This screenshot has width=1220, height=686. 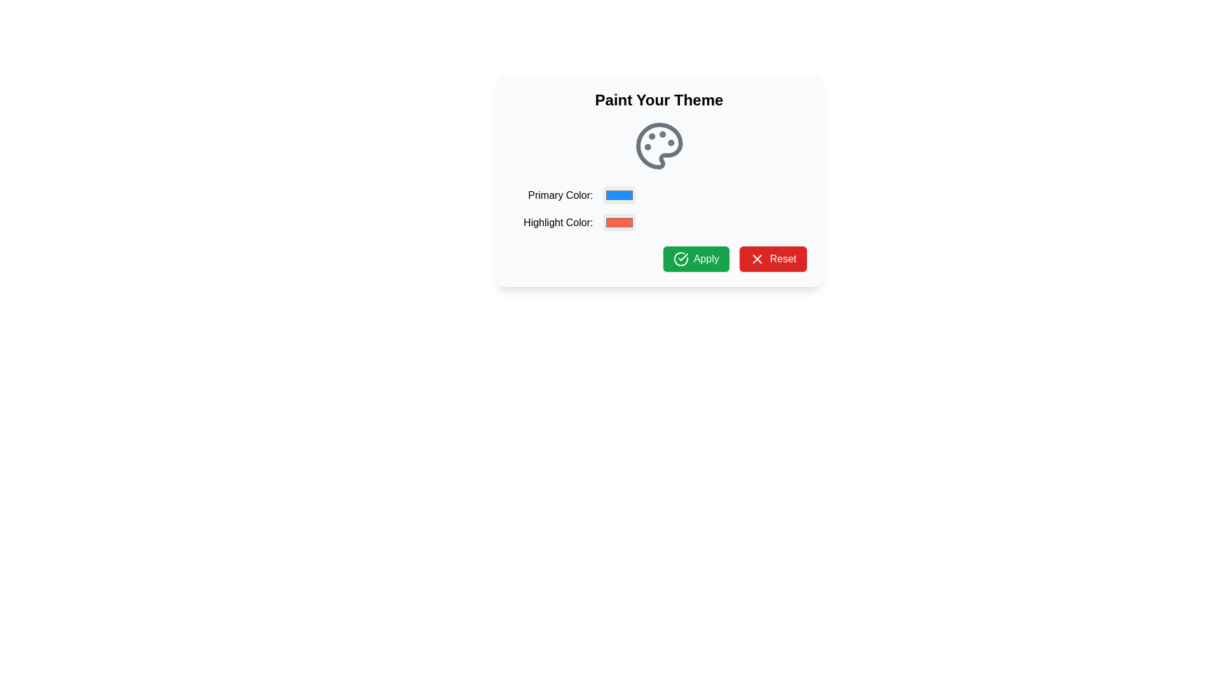 I want to click on the Highlight Color, so click(x=619, y=222).